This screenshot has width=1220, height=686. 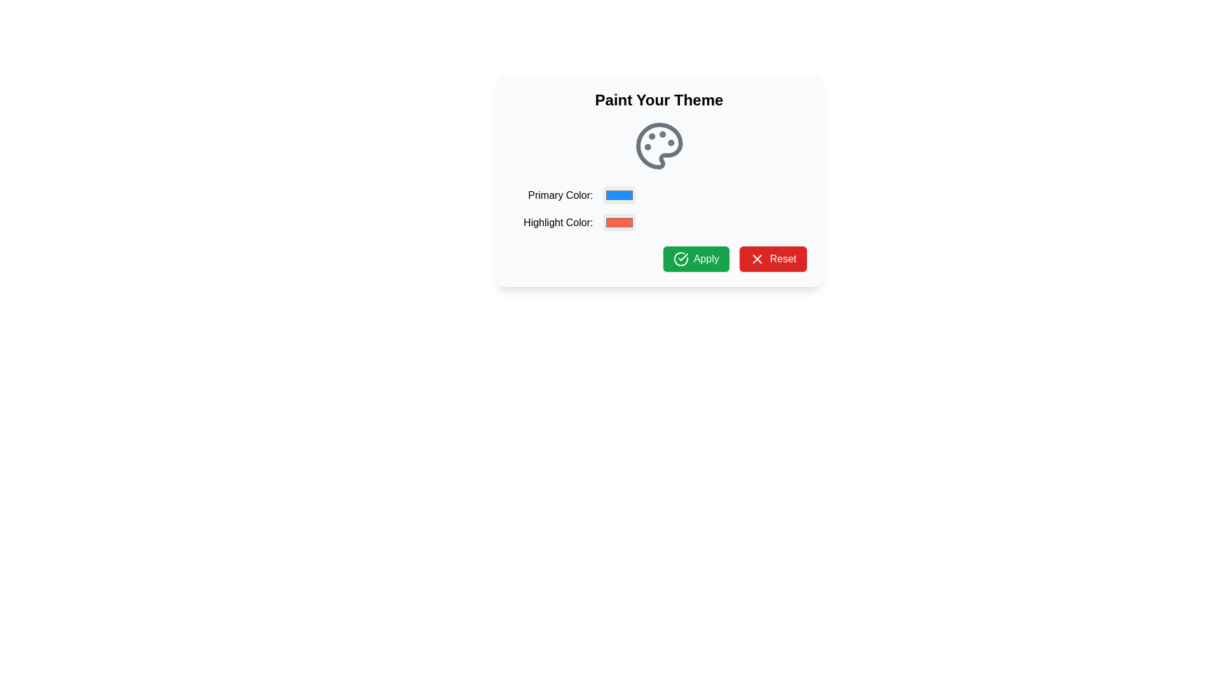 I want to click on the Highlight Color, so click(x=619, y=222).